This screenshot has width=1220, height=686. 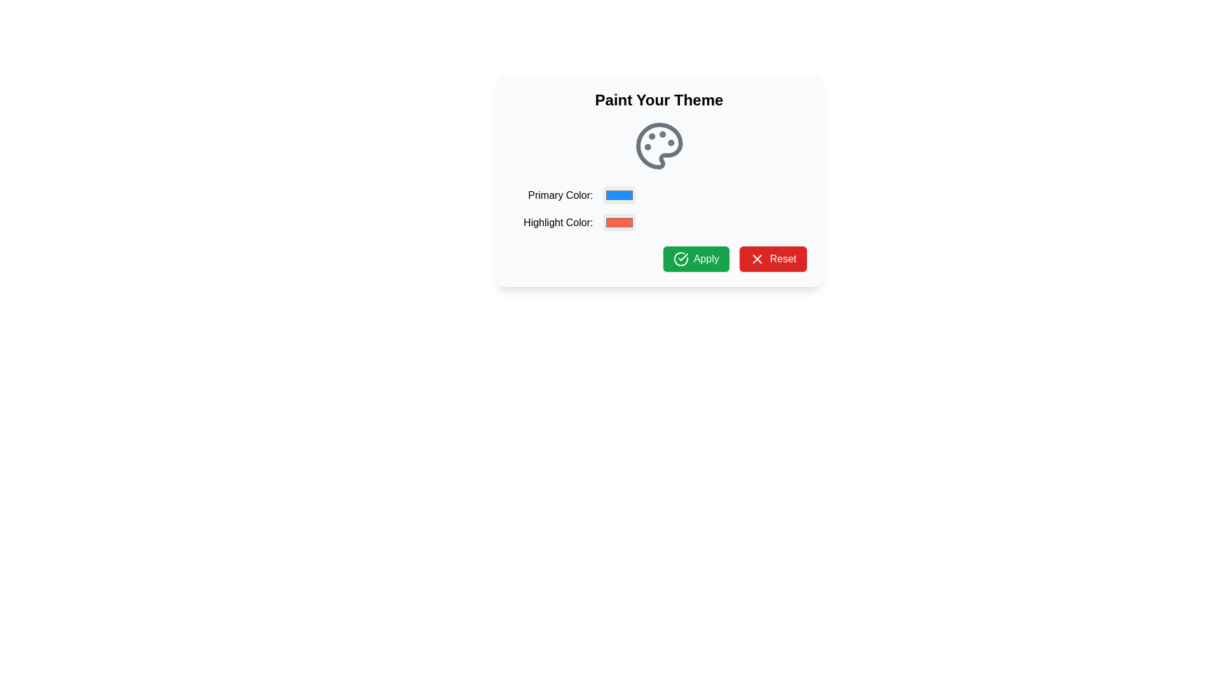 I want to click on the Highlight Color, so click(x=619, y=222).